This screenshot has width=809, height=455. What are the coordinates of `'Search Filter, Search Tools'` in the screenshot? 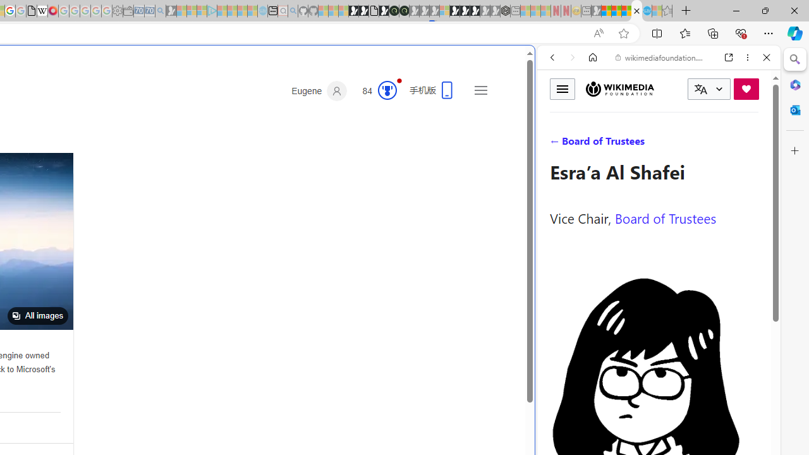 It's located at (690, 143).